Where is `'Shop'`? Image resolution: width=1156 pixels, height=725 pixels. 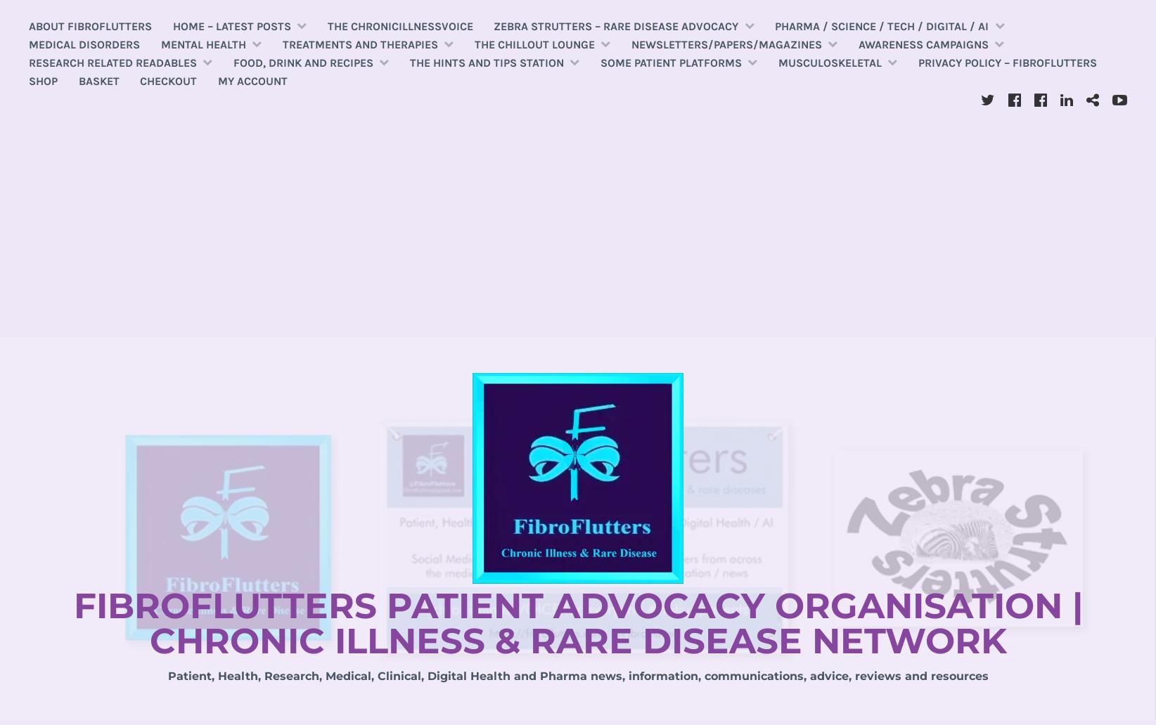
'Shop' is located at coordinates (43, 80).